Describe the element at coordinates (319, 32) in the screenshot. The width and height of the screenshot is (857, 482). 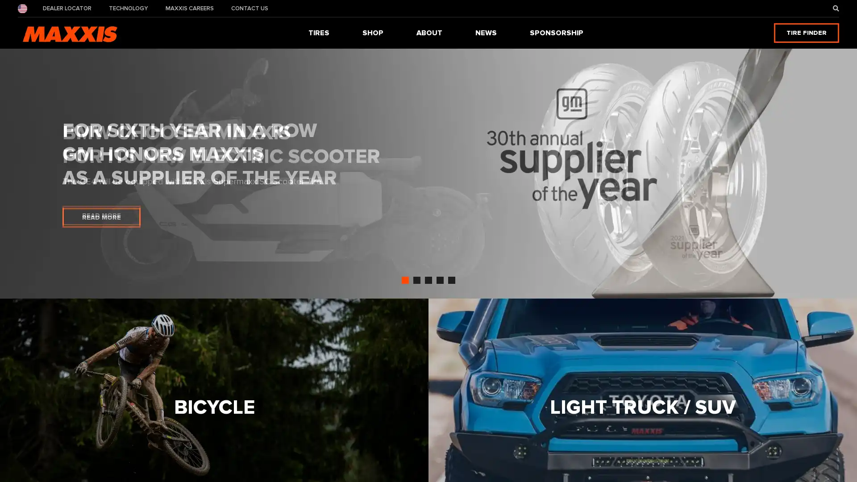
I see `TIRES` at that location.